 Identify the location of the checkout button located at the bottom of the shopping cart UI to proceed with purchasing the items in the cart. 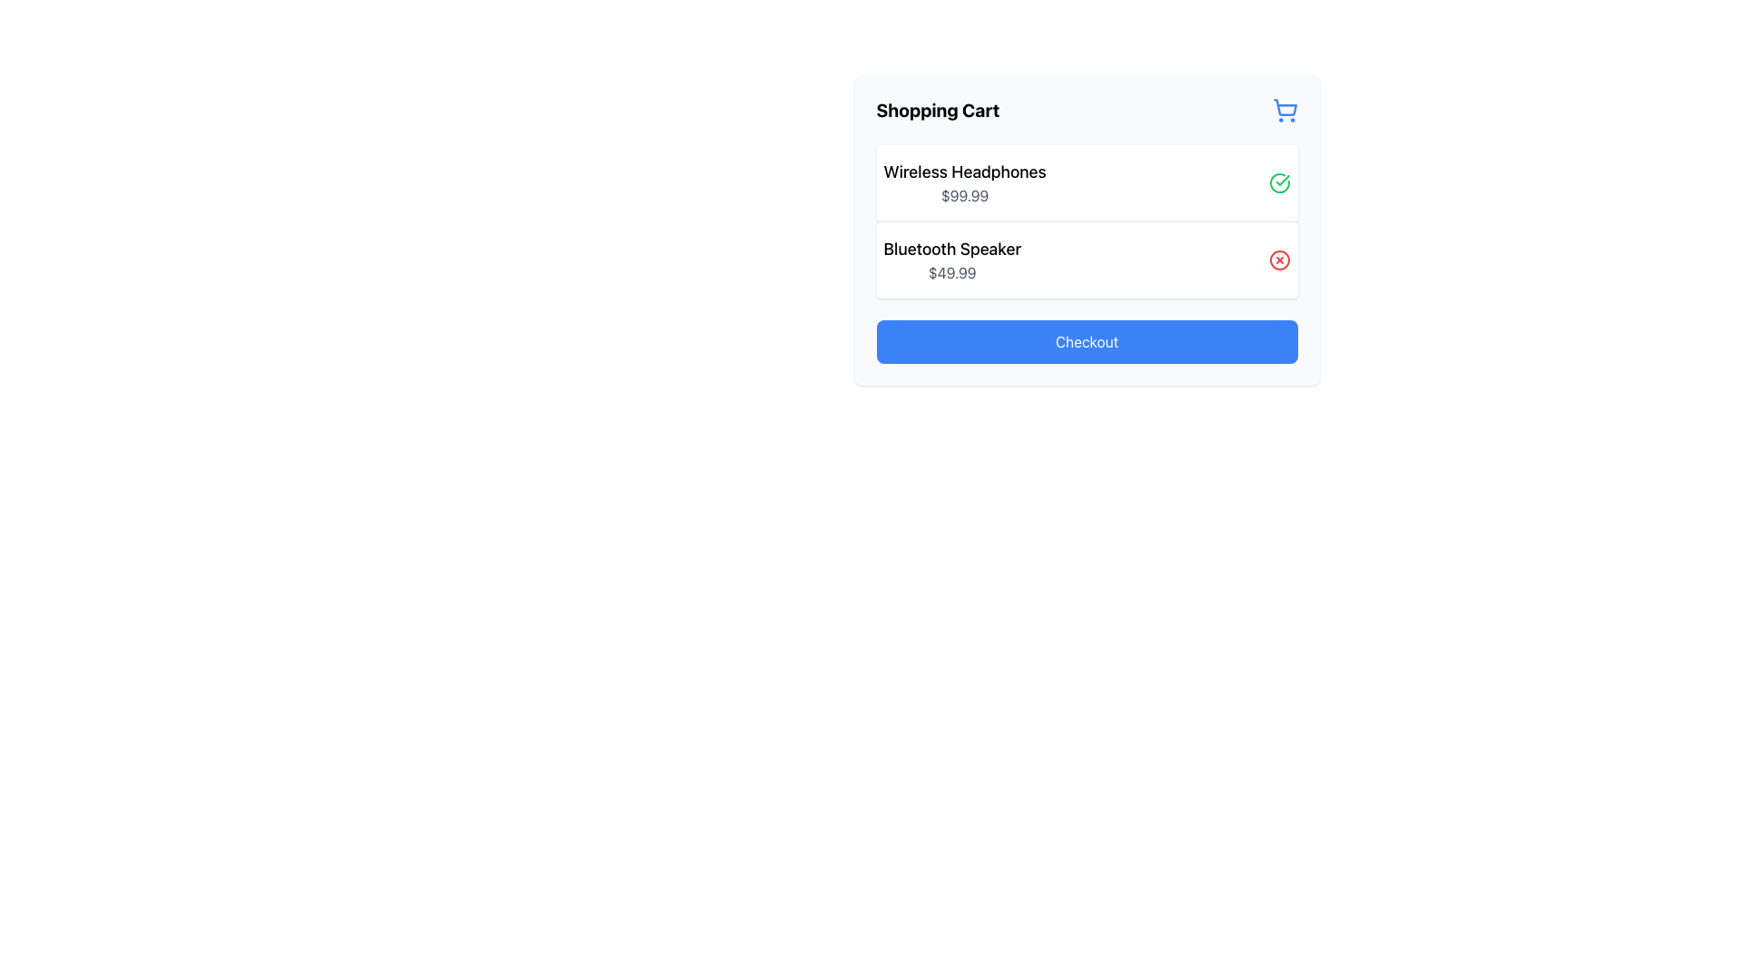
(1087, 342).